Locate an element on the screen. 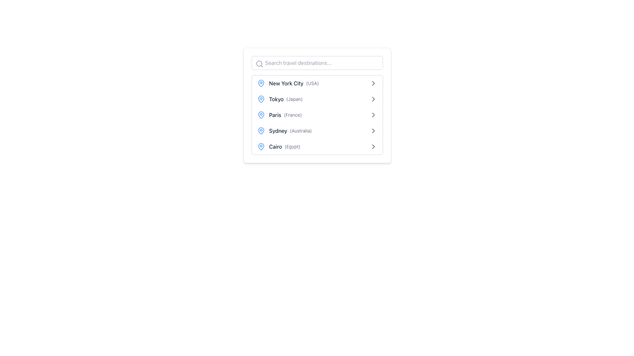 The width and height of the screenshot is (634, 356). text label indicating the city name 'Sydney' located in the travel destinations list, positioned between a blue map pin icon and the text '(Australia)' is located at coordinates (278, 131).